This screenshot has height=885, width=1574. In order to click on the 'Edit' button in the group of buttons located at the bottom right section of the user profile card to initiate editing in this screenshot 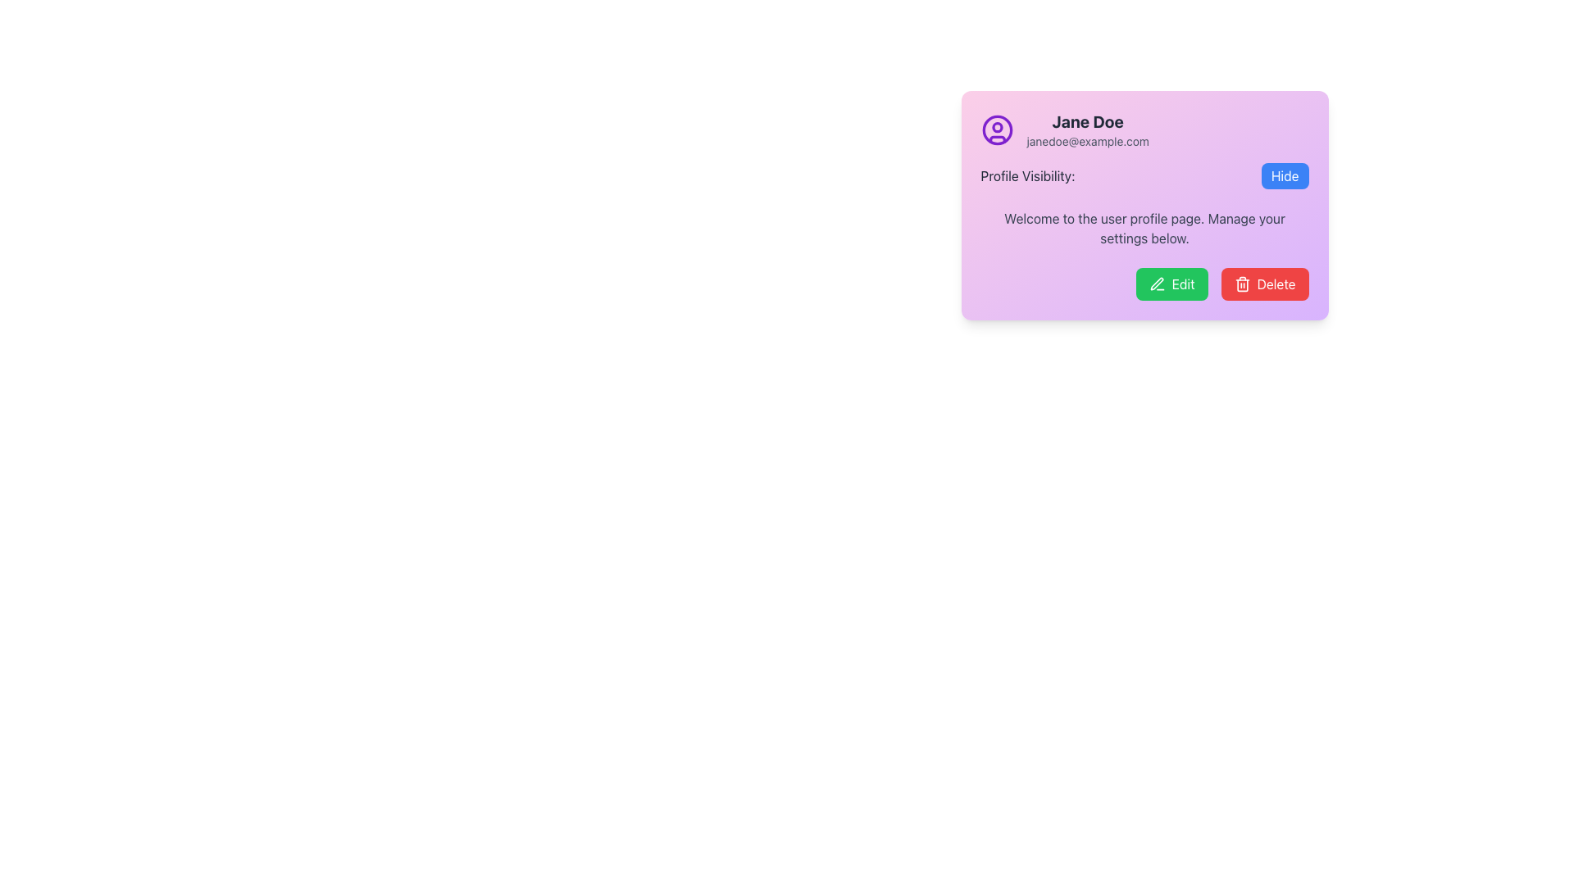, I will do `click(1144, 284)`.